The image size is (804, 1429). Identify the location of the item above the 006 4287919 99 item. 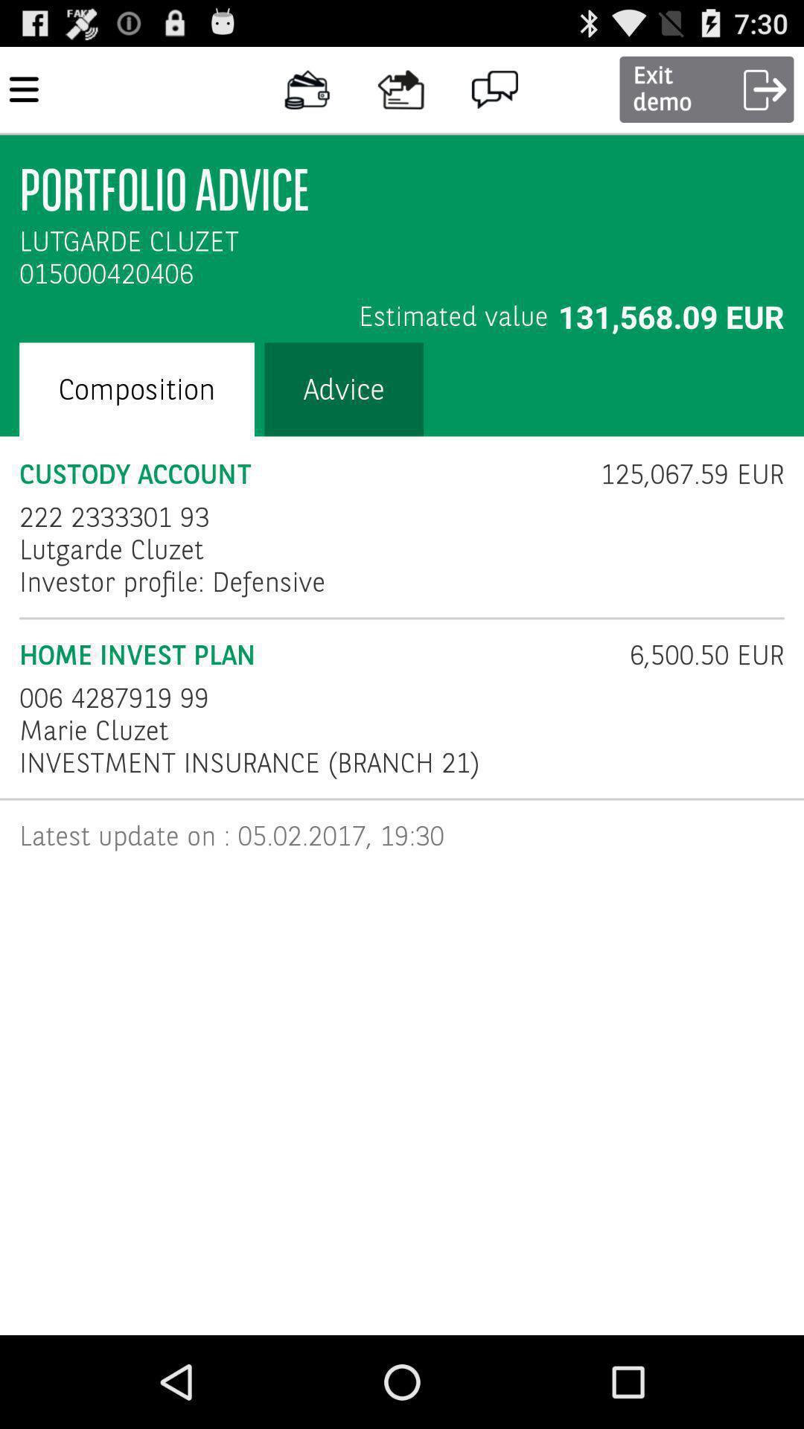
(314, 655).